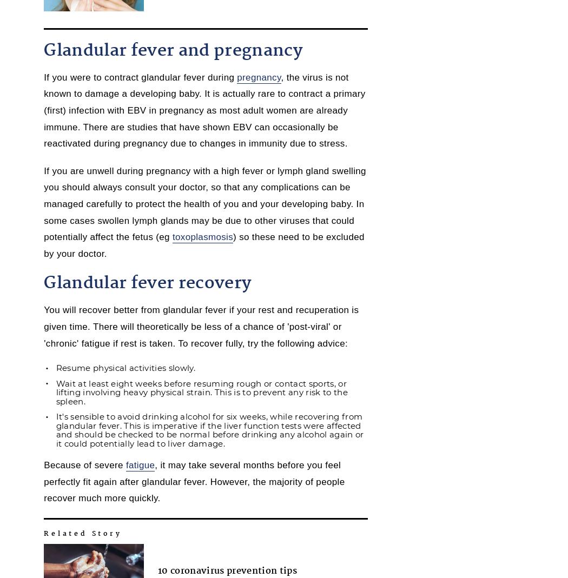 The width and height of the screenshot is (568, 578). I want to click on 'Wait at least eight weeks before resuming rough or contact sports, or lifting involving heavy physical strain. This is to prevent any risk to the spleen.', so click(201, 391).